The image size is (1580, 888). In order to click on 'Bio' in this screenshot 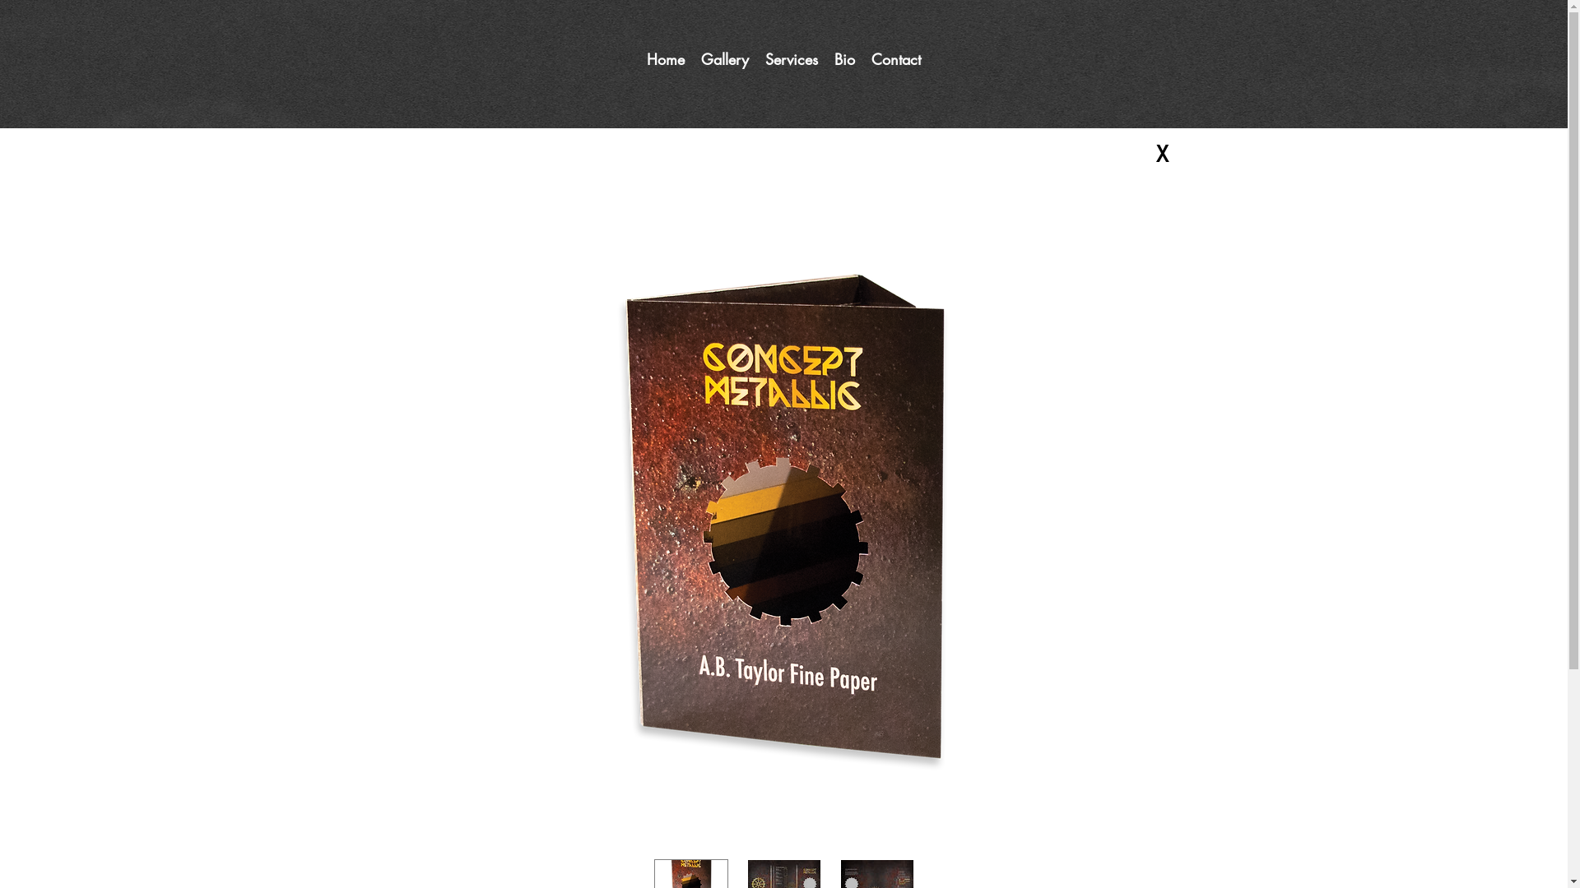, I will do `click(844, 58)`.